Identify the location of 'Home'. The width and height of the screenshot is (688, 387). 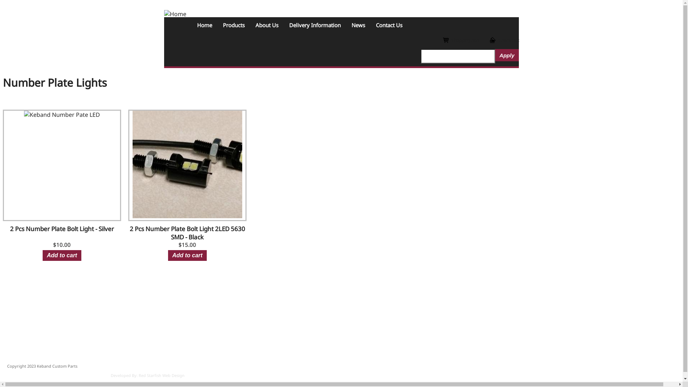
(175, 14).